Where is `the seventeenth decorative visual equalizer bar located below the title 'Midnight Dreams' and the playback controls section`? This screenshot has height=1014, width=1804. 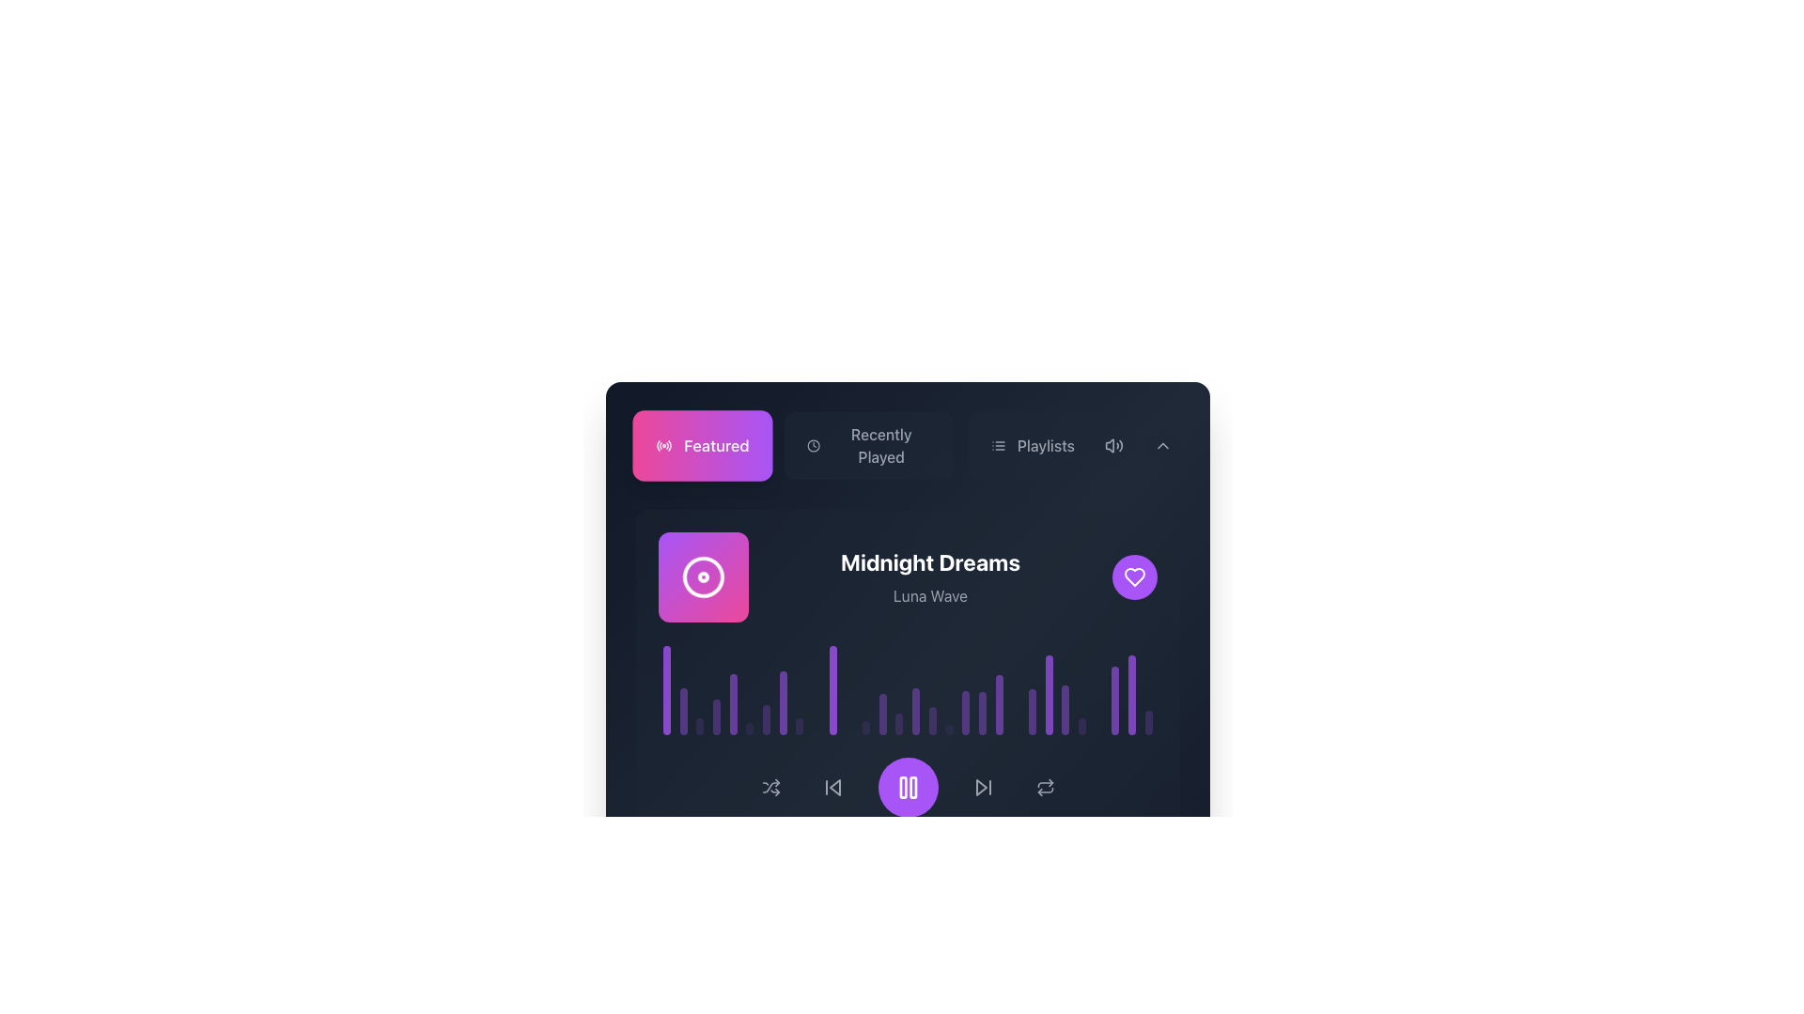 the seventeenth decorative visual equalizer bar located below the title 'Midnight Dreams' and the playback controls section is located at coordinates (932, 719).